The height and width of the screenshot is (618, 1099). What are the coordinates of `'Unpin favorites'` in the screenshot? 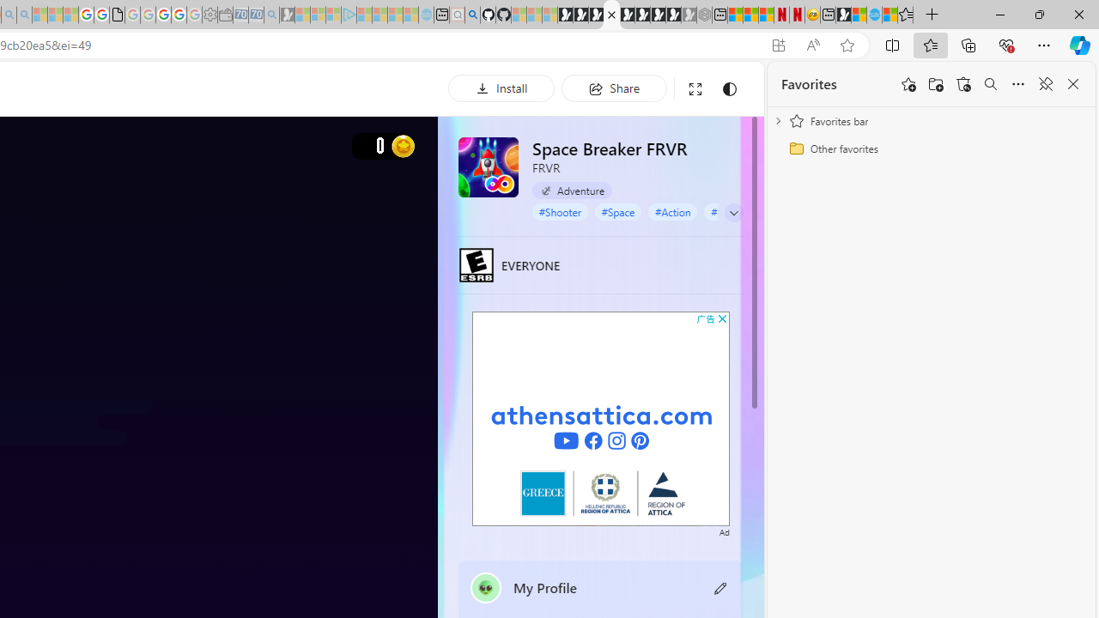 It's located at (1044, 84).